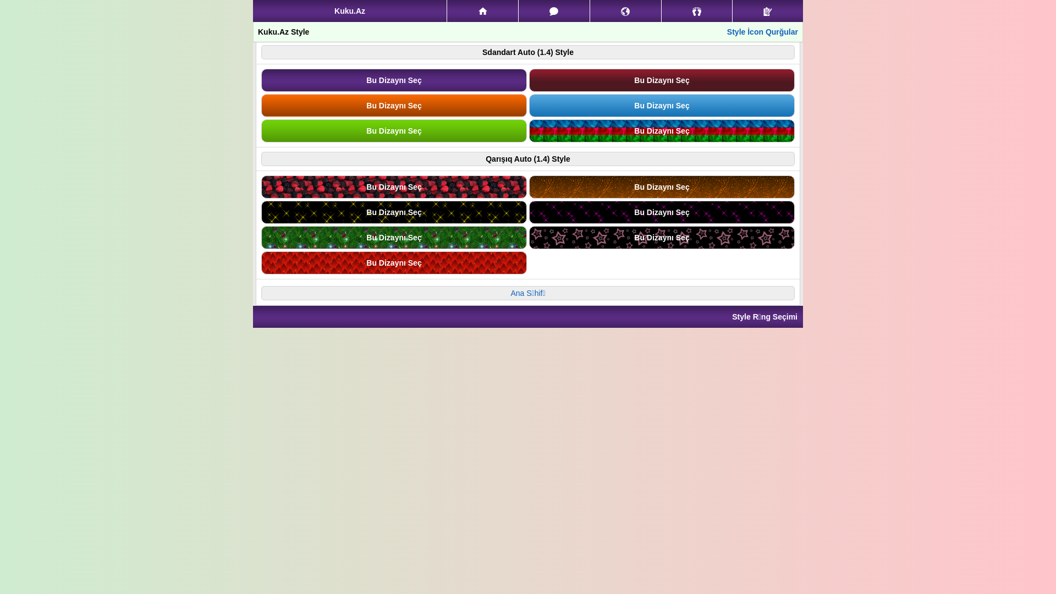 The height and width of the screenshot is (594, 1056). I want to click on 'Mesajlar', so click(554, 10).